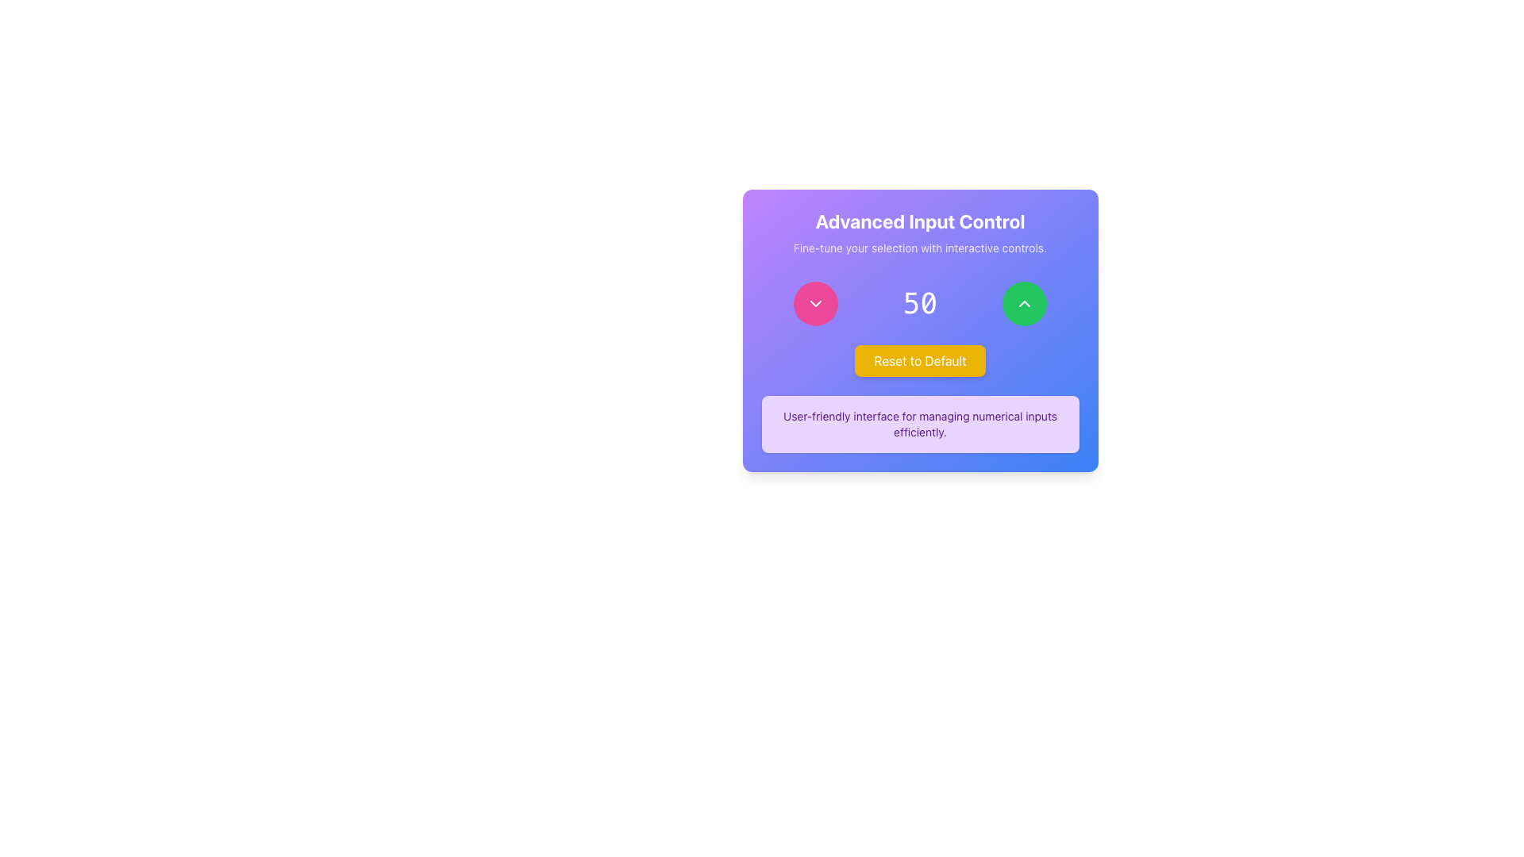 The image size is (1524, 857). Describe the element at coordinates (816, 303) in the screenshot. I see `the downward-pointing chevron icon located at the center of the circular pink button to decrease the numerical value` at that location.